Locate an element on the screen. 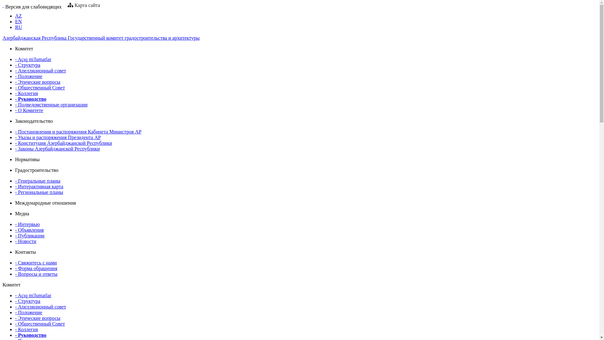 Image resolution: width=604 pixels, height=340 pixels. 'EN' is located at coordinates (18, 21).